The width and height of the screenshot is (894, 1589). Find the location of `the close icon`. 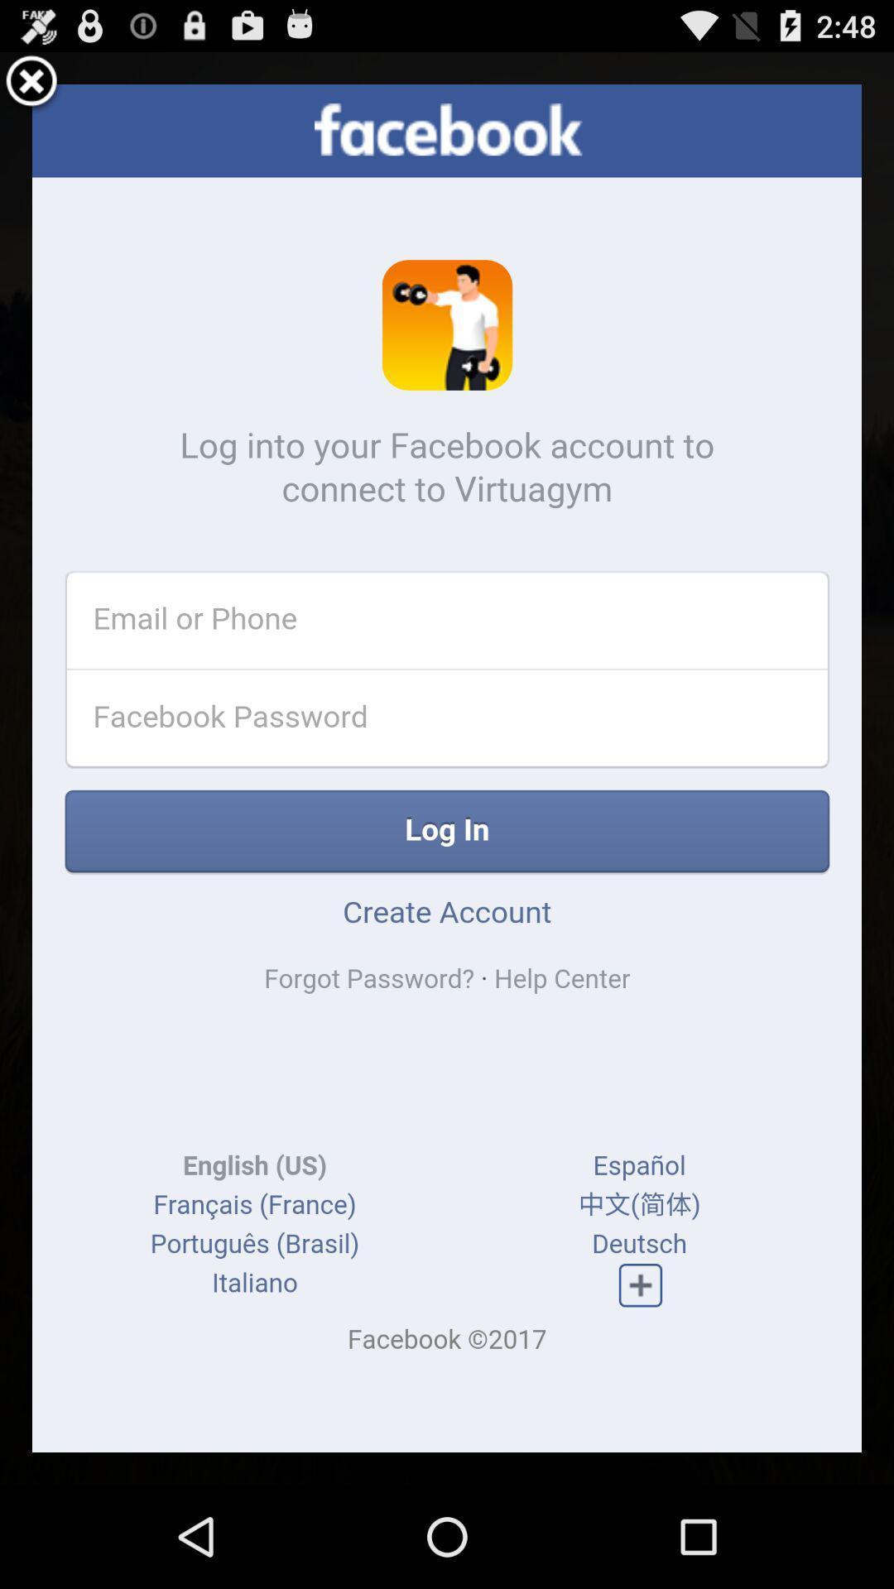

the close icon is located at coordinates (31, 89).